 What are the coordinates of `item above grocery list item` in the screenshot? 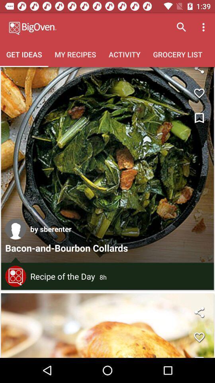 It's located at (204, 27).